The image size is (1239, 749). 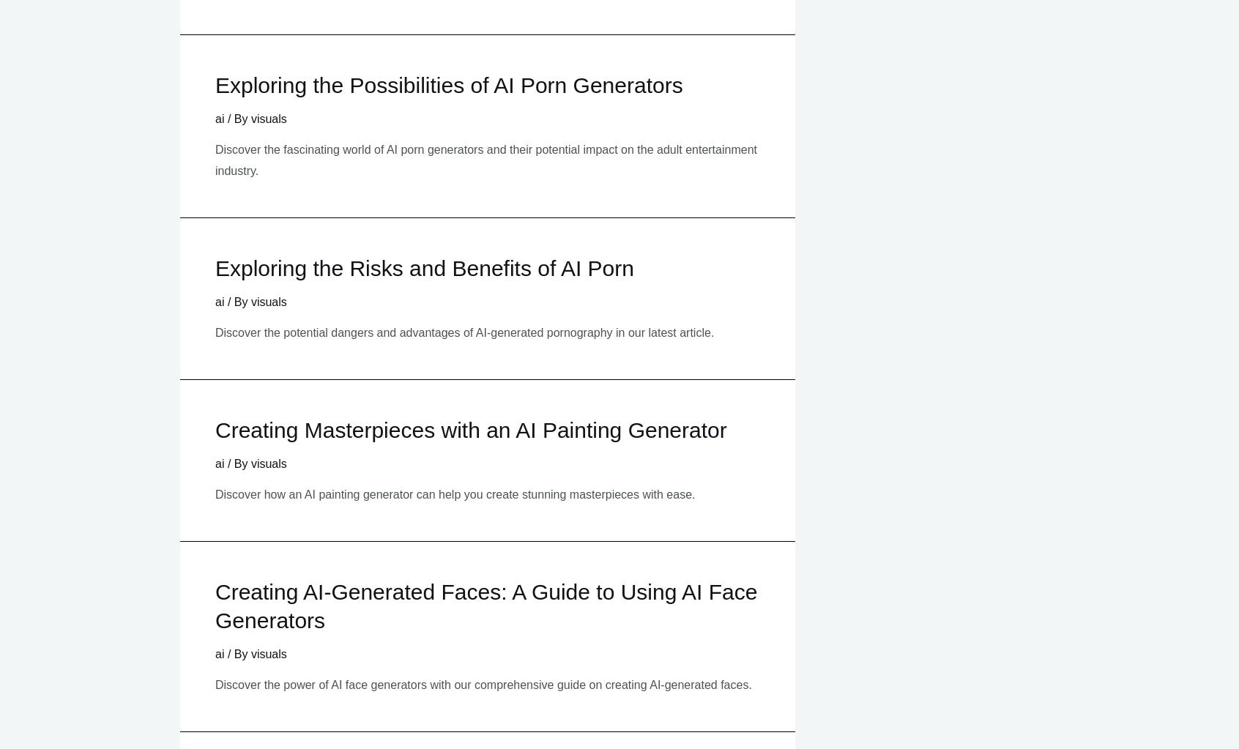 I want to click on 'Creating AI-Generated Faces: A Guide to Using AI Face Generators', so click(x=485, y=605).